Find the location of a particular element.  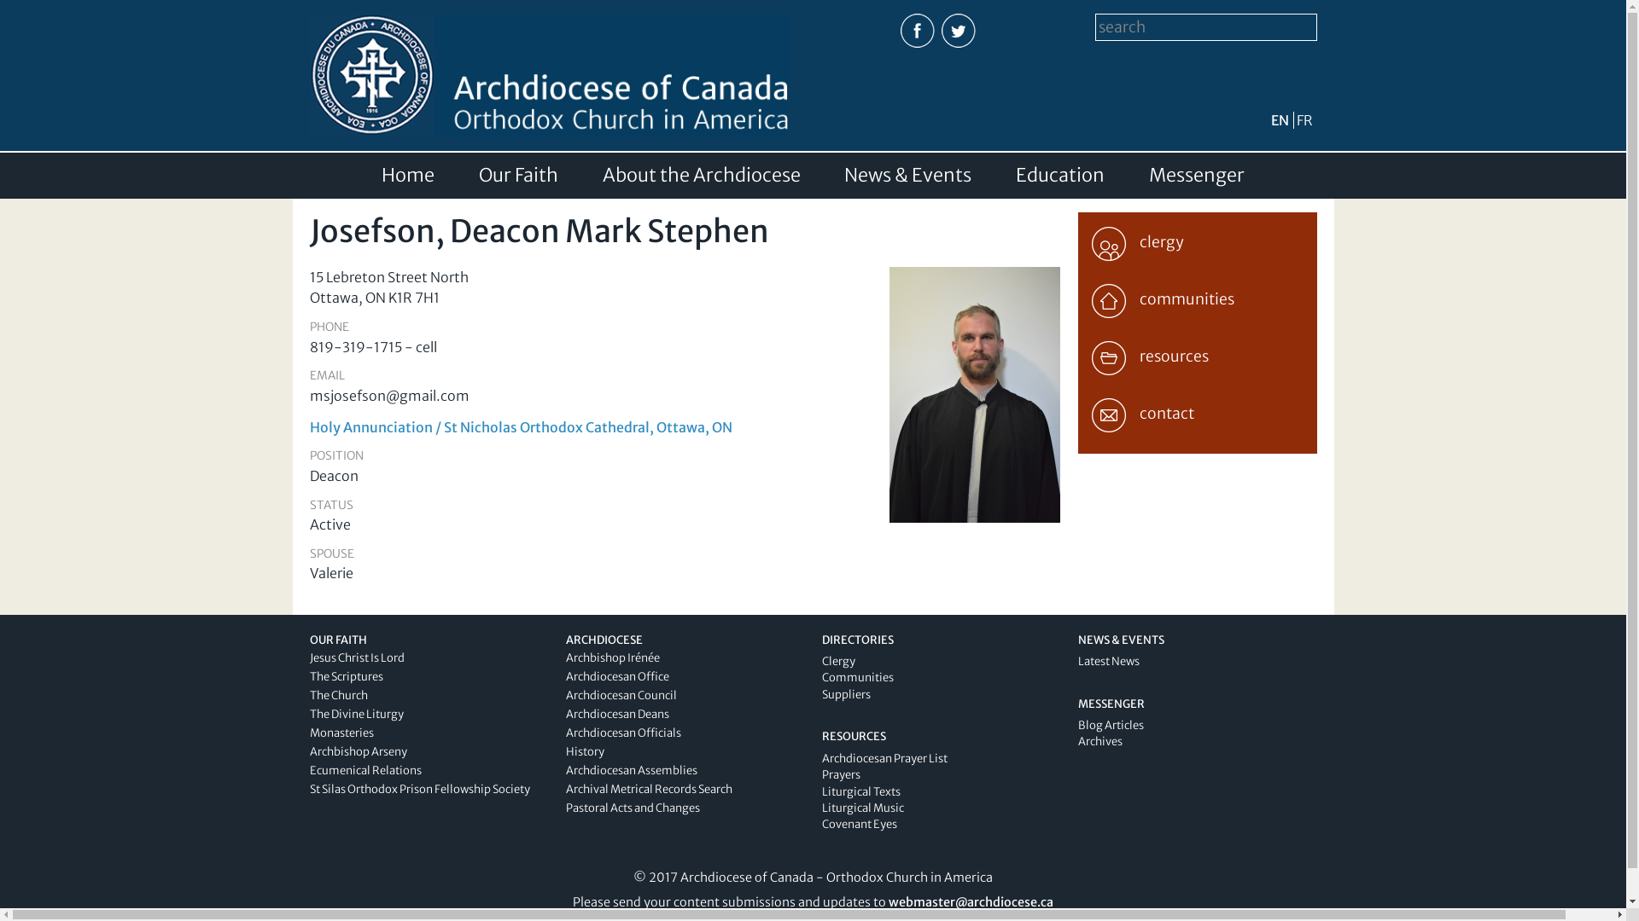

'Blog Articles' is located at coordinates (1076, 725).